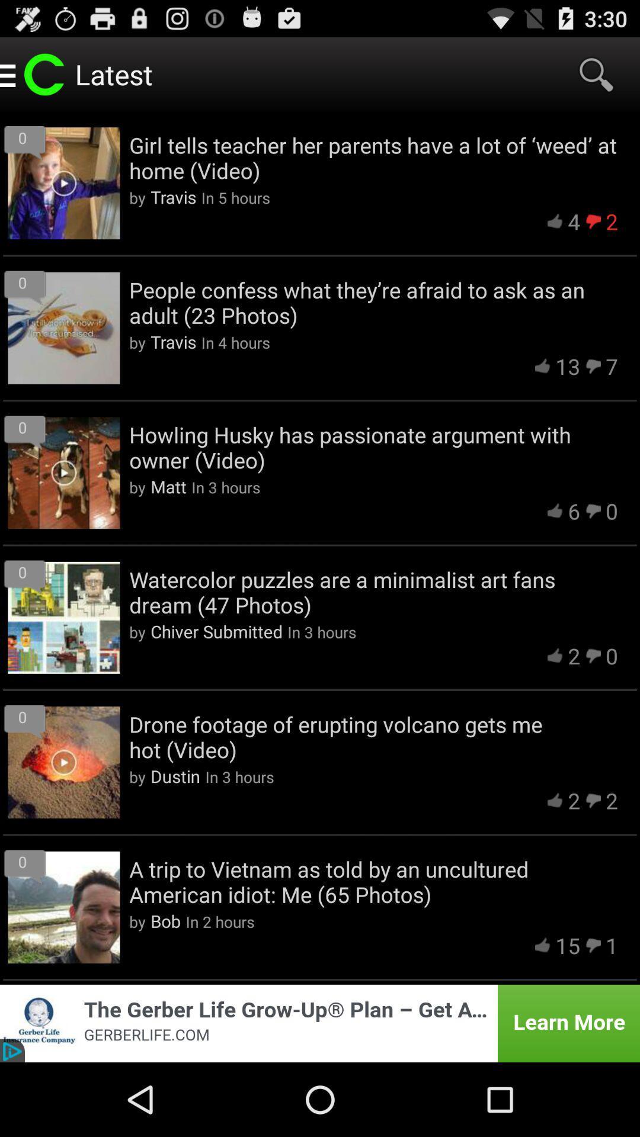 This screenshot has width=640, height=1137. What do you see at coordinates (168, 486) in the screenshot?
I see `item to the left of the in 3 hours icon` at bounding box center [168, 486].